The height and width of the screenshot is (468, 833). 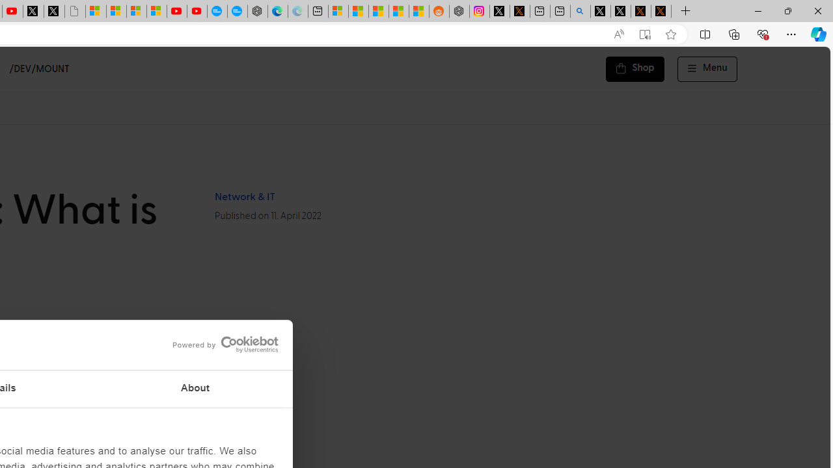 What do you see at coordinates (580, 11) in the screenshot?
I see `'github - Search'` at bounding box center [580, 11].